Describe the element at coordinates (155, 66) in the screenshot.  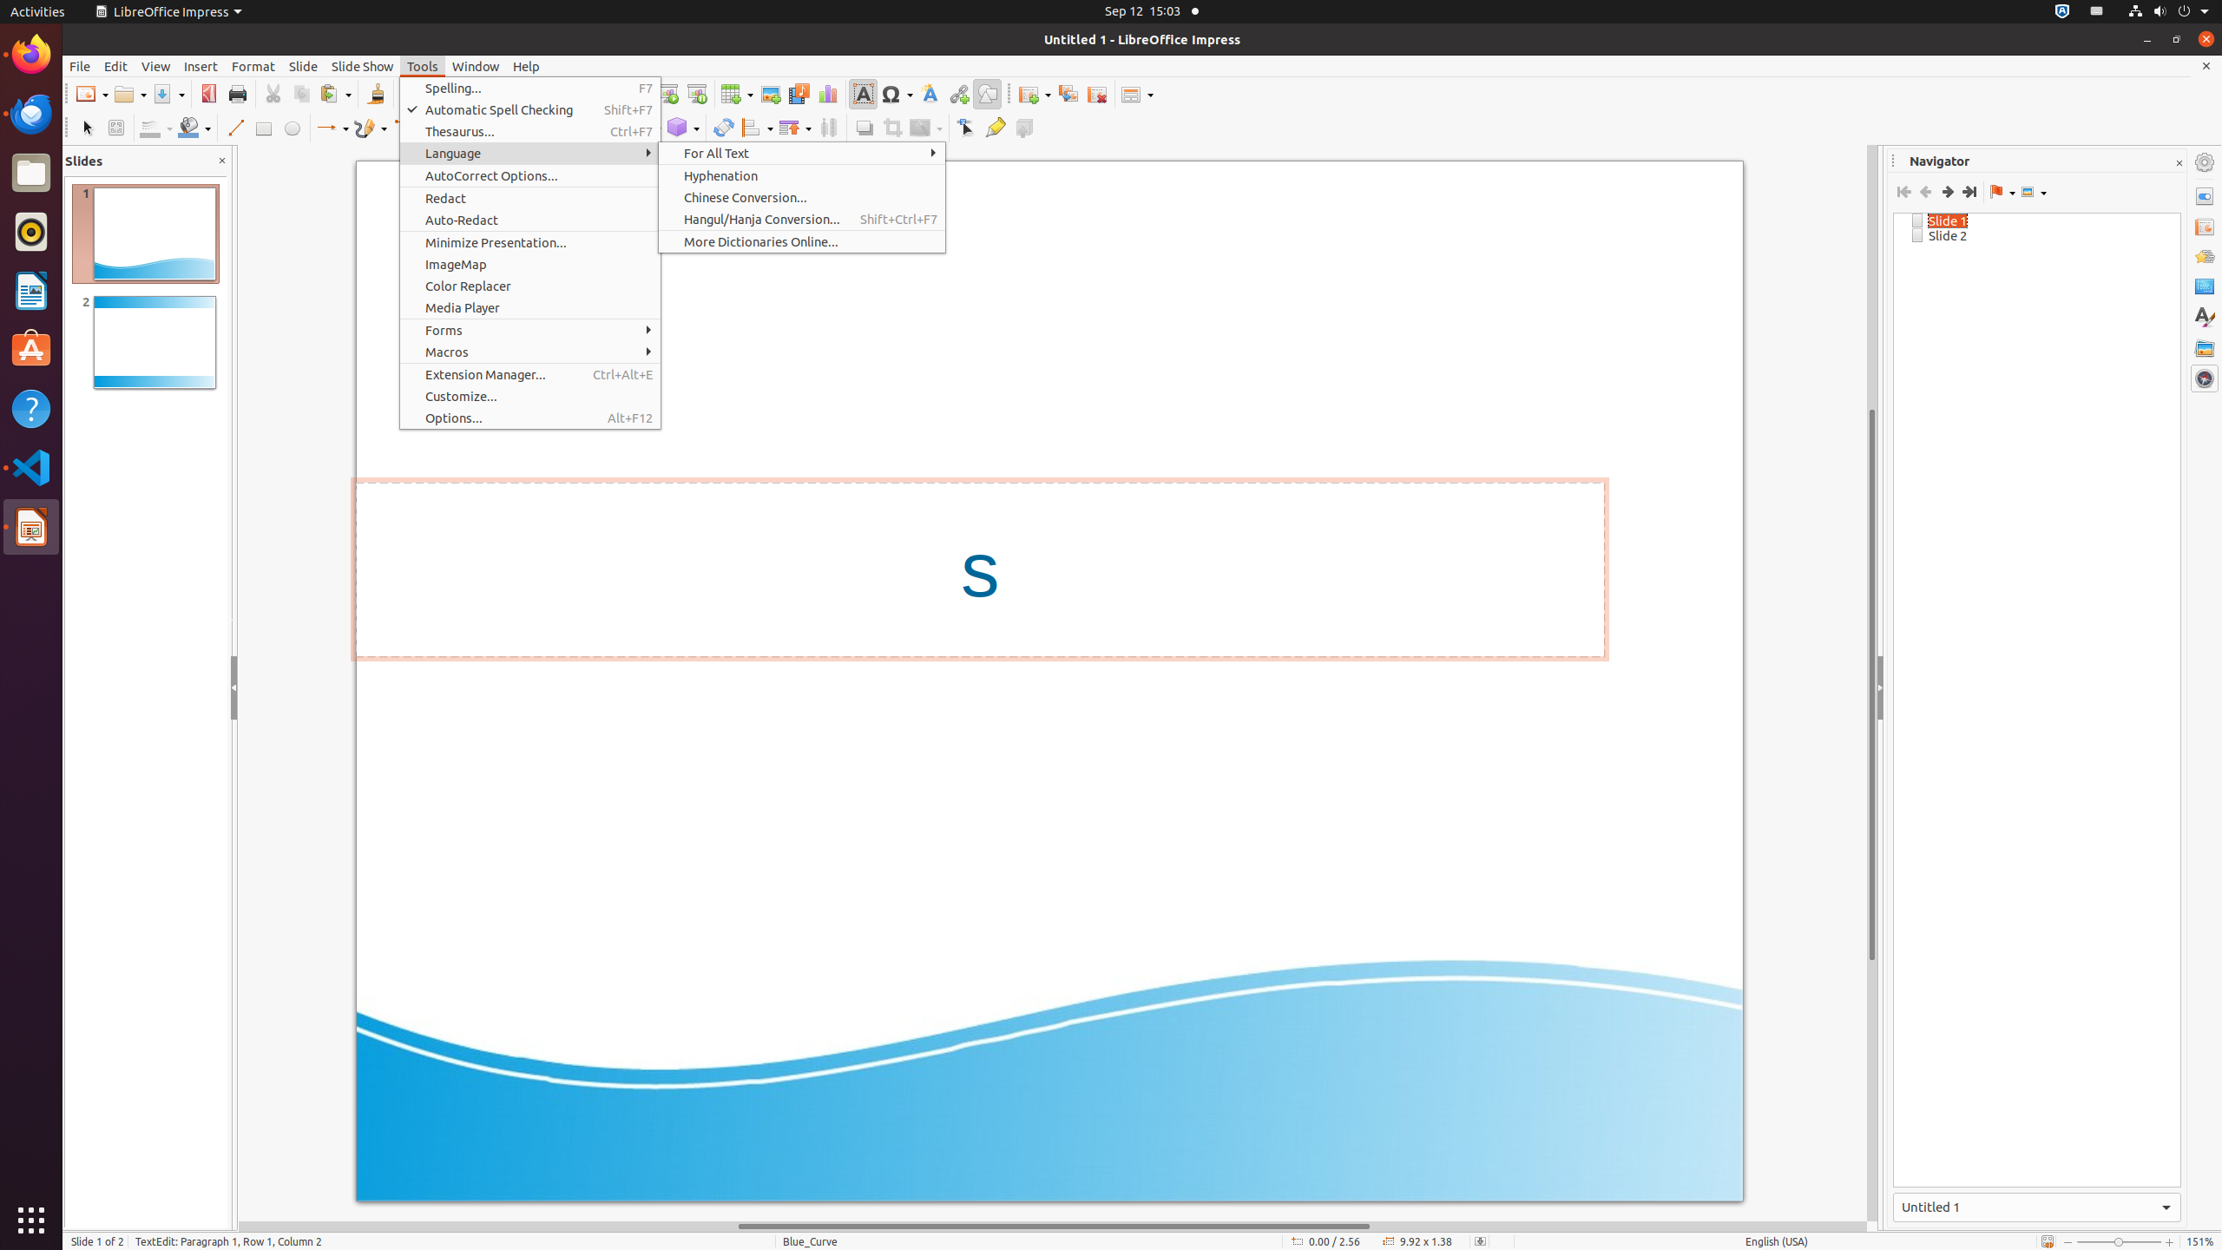
I see `'View'` at that location.